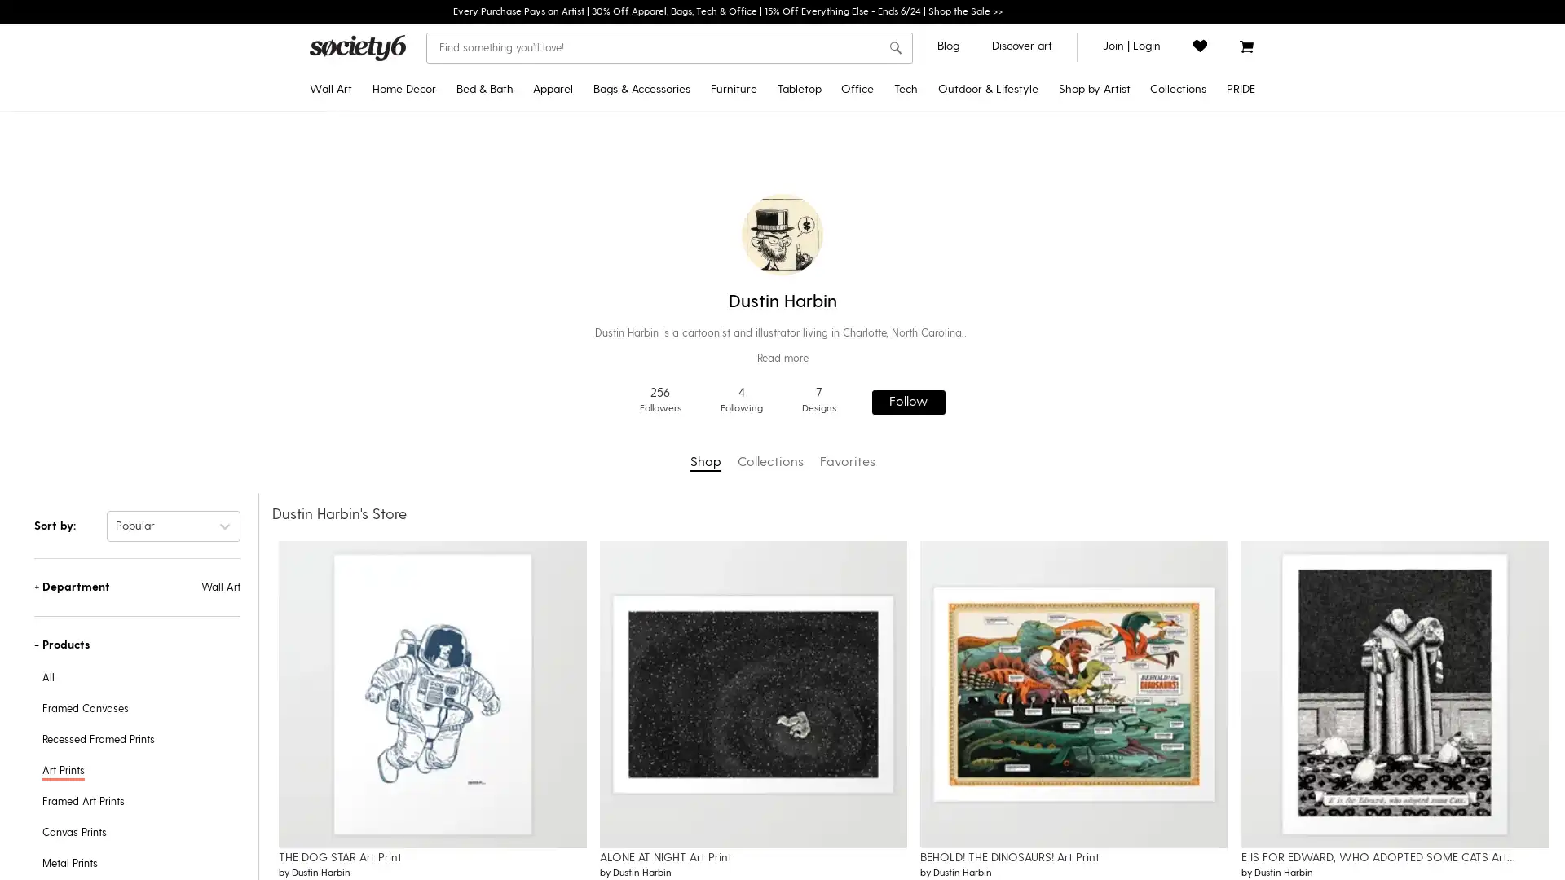 The image size is (1565, 880). Describe the element at coordinates (653, 261) in the screenshot. I see `Fanny Packs` at that location.